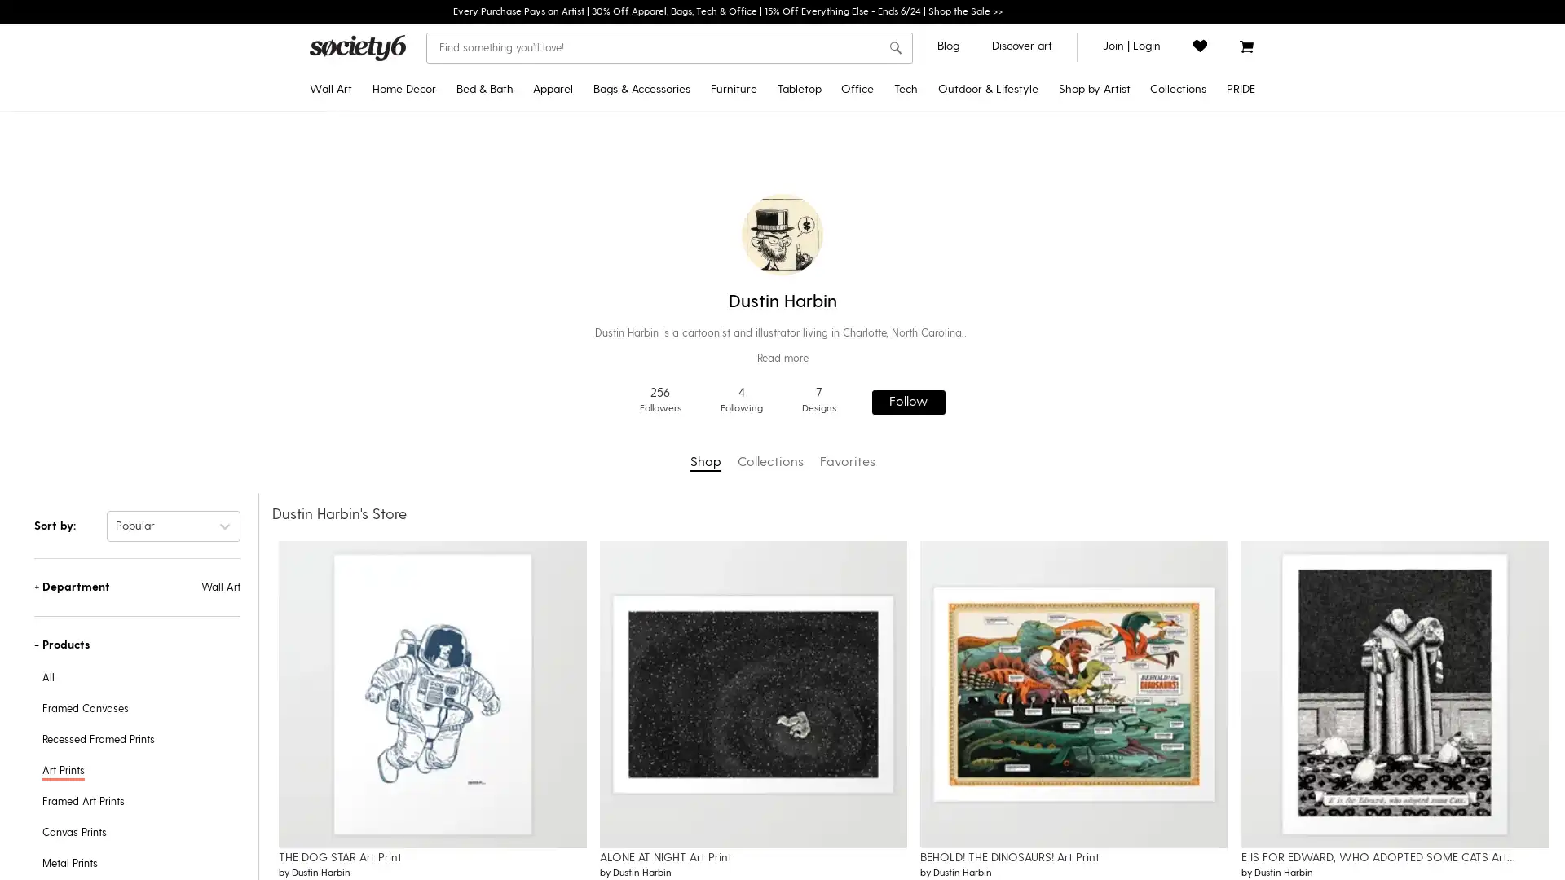 The image size is (1565, 880). Describe the element at coordinates (653, 261) in the screenshot. I see `Fanny Packs` at that location.